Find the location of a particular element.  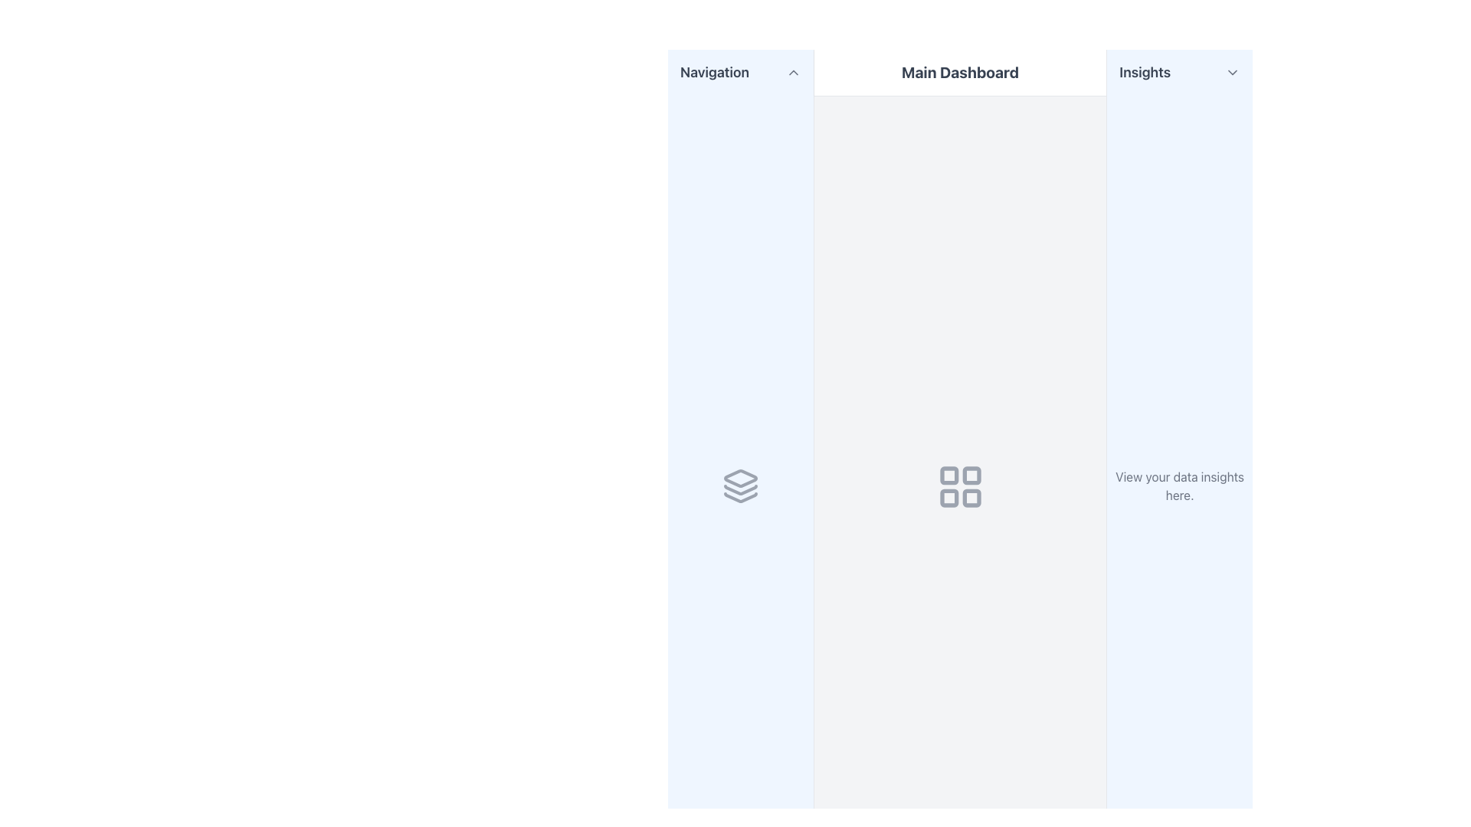

the button located in the bottom-right corner of a 2x2 icon grid is located at coordinates (971, 498).